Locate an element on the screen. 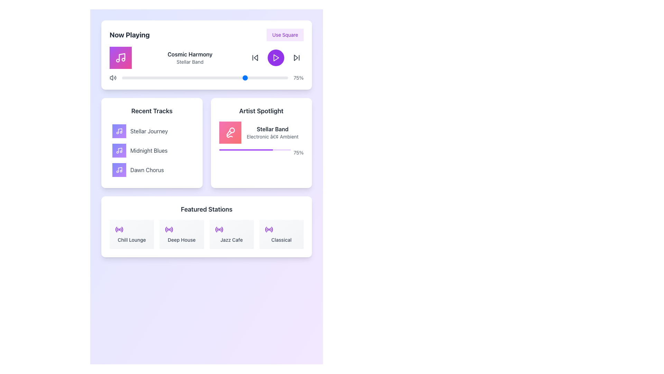 This screenshot has height=374, width=664. text from the bold label displaying the title 'Stellar Band', which is part of the 'Artist Spotlight' section and centrally aligned above 'Electronic • Ambient' is located at coordinates (272, 129).